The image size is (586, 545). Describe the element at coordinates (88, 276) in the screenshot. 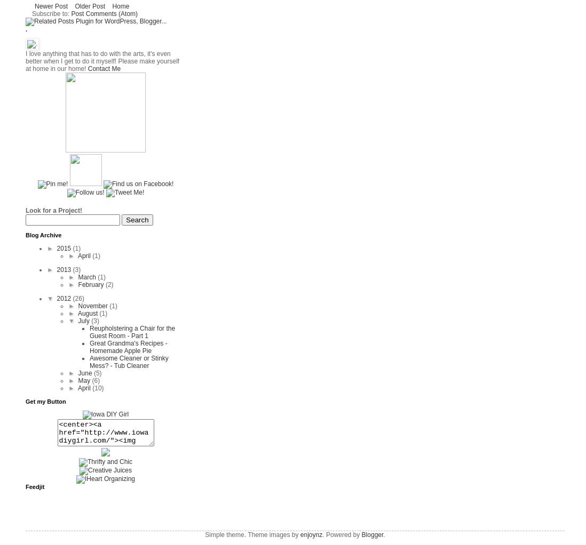

I see `'March'` at that location.